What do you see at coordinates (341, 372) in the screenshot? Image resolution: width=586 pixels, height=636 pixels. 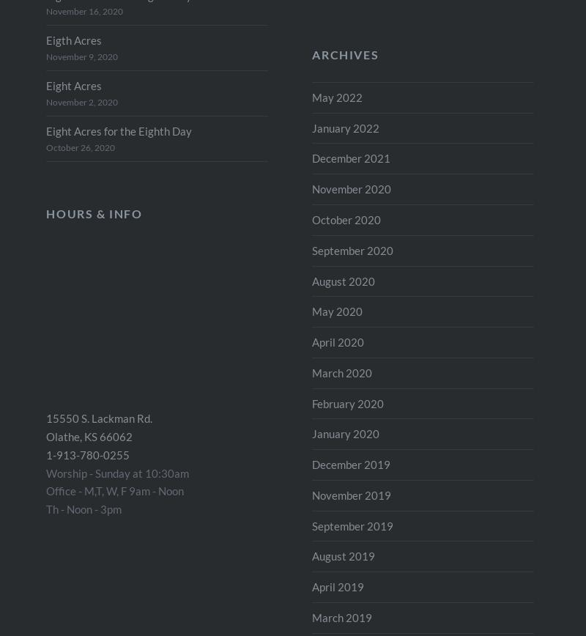 I see `'March 2020'` at bounding box center [341, 372].